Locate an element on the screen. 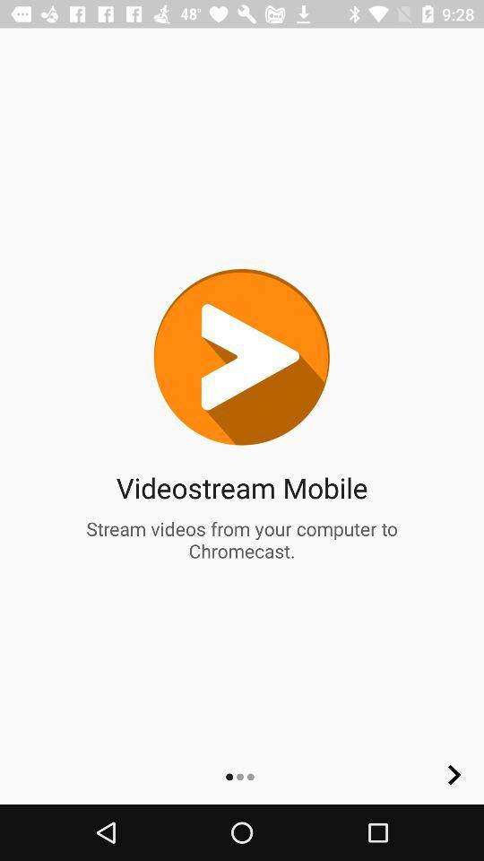  next the option is located at coordinates (454, 774).